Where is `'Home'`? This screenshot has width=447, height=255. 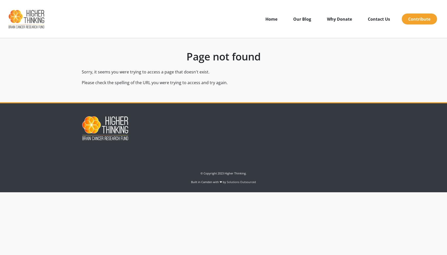 'Home' is located at coordinates (271, 19).